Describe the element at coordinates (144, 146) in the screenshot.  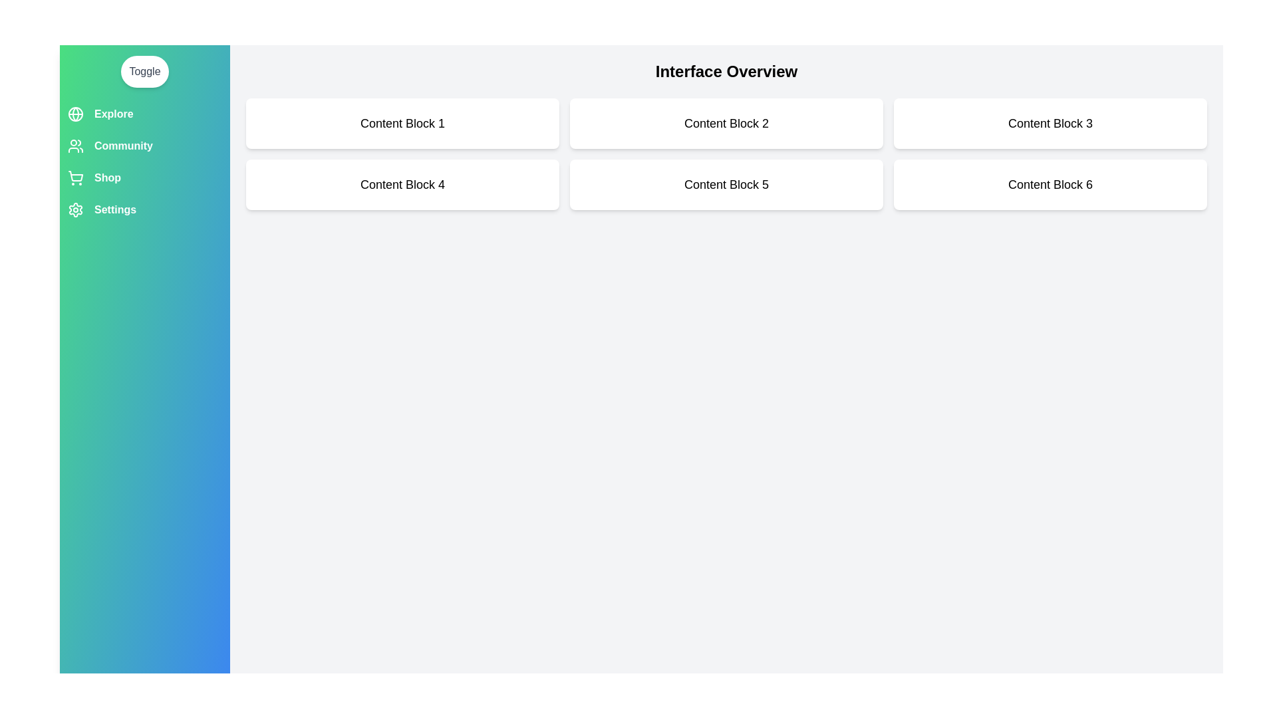
I see `the menu option labeled Community` at that location.